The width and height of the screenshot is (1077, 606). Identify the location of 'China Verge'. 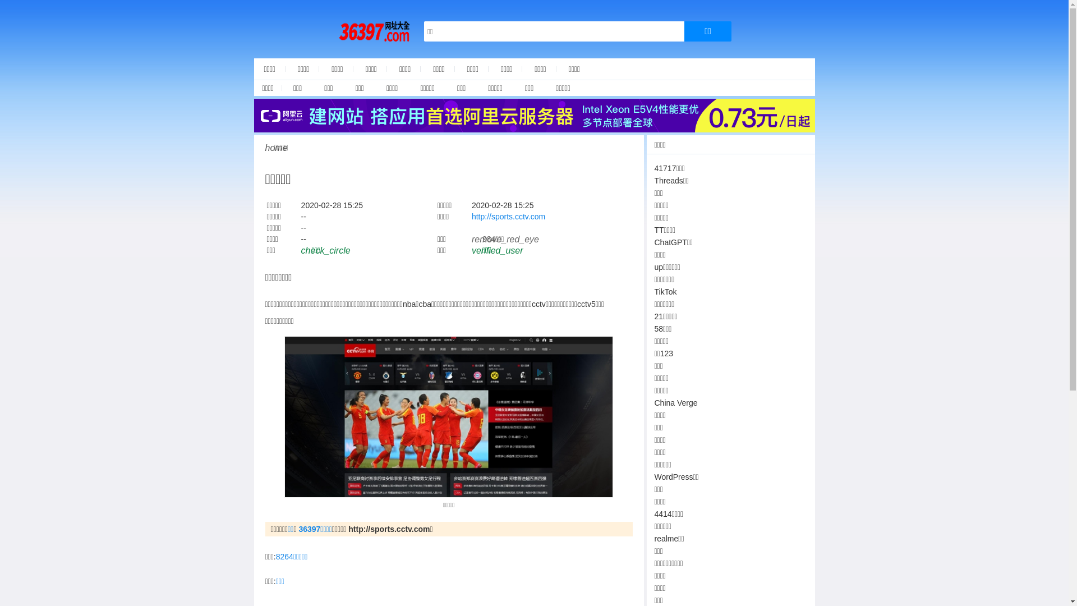
(675, 402).